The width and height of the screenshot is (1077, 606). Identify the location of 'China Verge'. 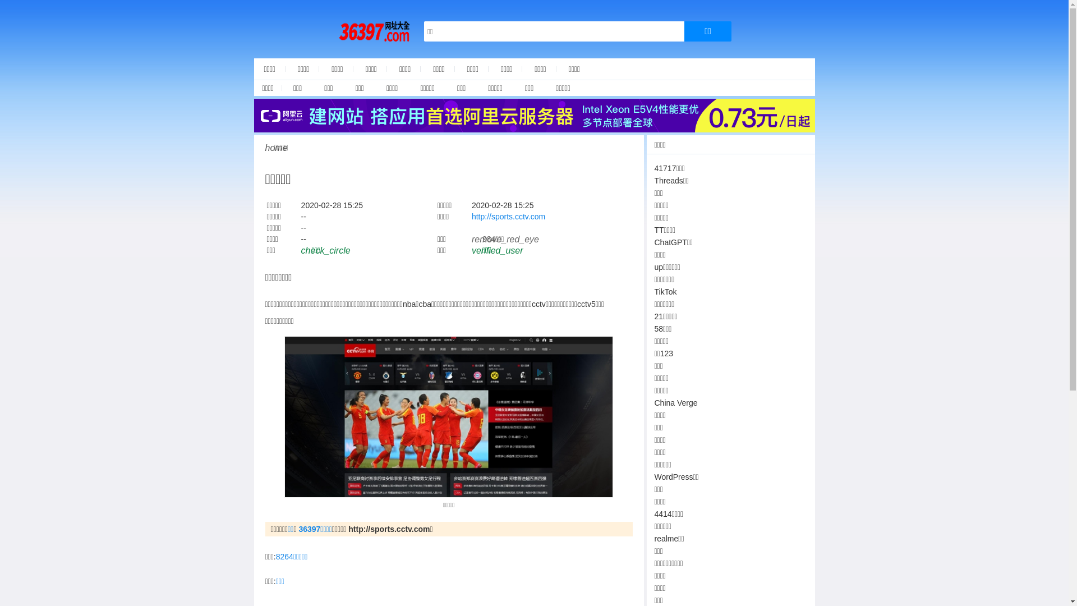
(675, 402).